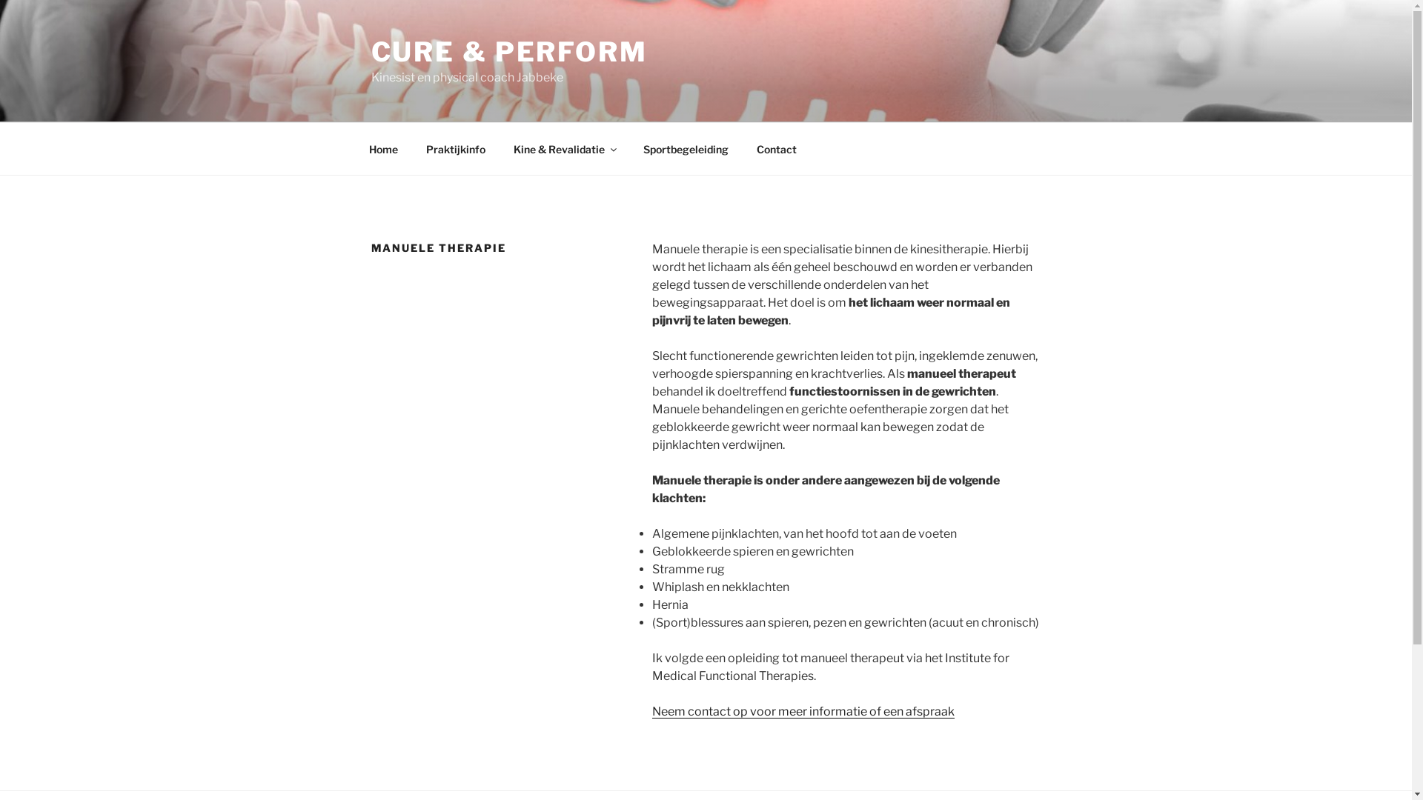 This screenshot has height=800, width=1423. What do you see at coordinates (508, 50) in the screenshot?
I see `'CURE & PERFORM'` at bounding box center [508, 50].